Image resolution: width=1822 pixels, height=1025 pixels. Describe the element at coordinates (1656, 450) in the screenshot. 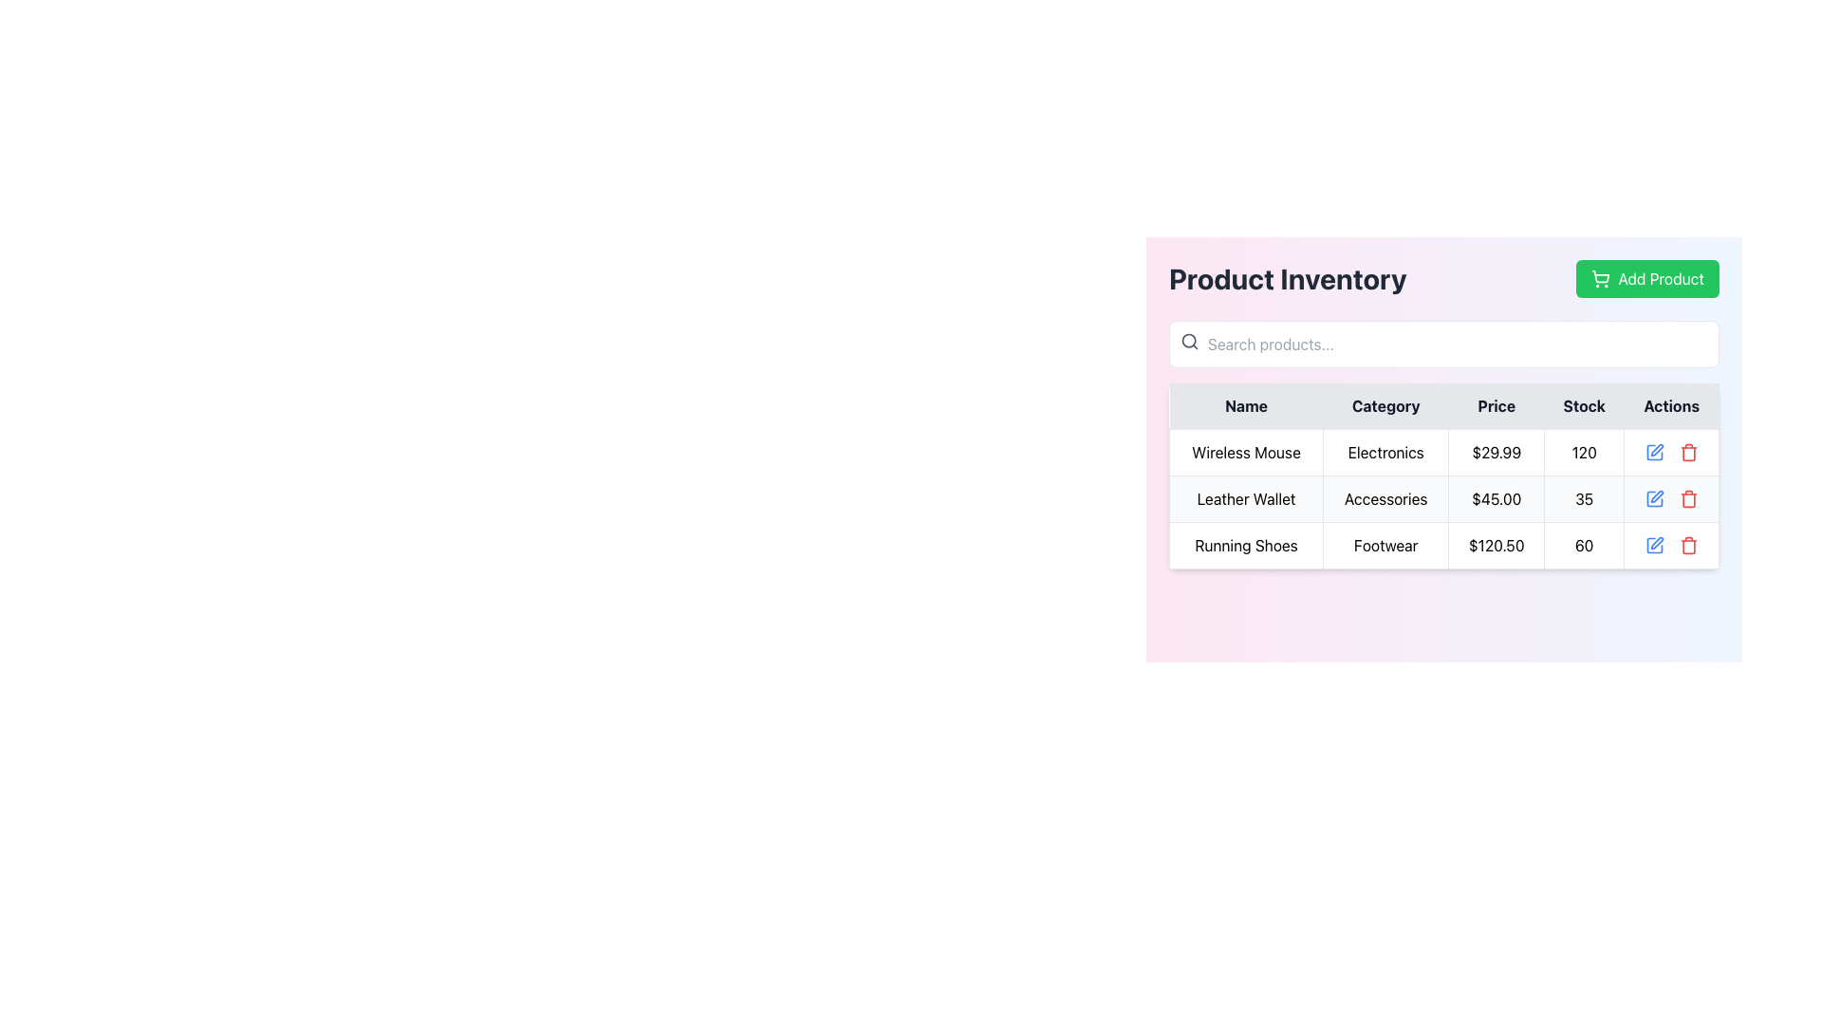

I see `the pen icon located in the 'Actions' column for the product 'Running Shoes'` at that location.